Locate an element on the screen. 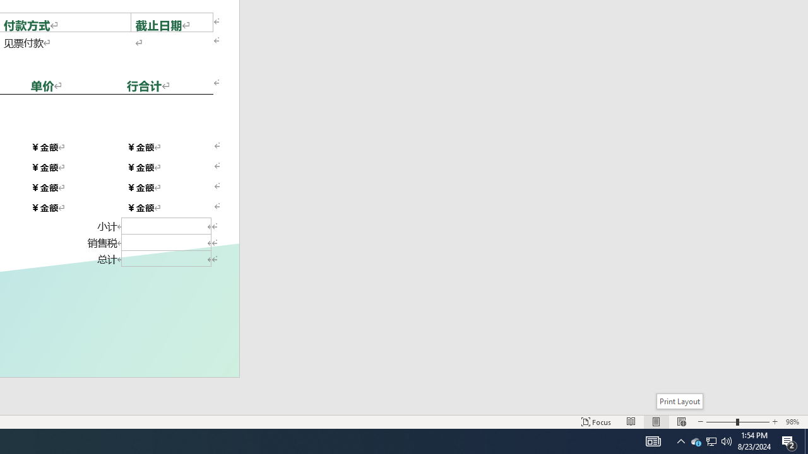 The height and width of the screenshot is (454, 808). 'Zoom 98%' is located at coordinates (793, 422).